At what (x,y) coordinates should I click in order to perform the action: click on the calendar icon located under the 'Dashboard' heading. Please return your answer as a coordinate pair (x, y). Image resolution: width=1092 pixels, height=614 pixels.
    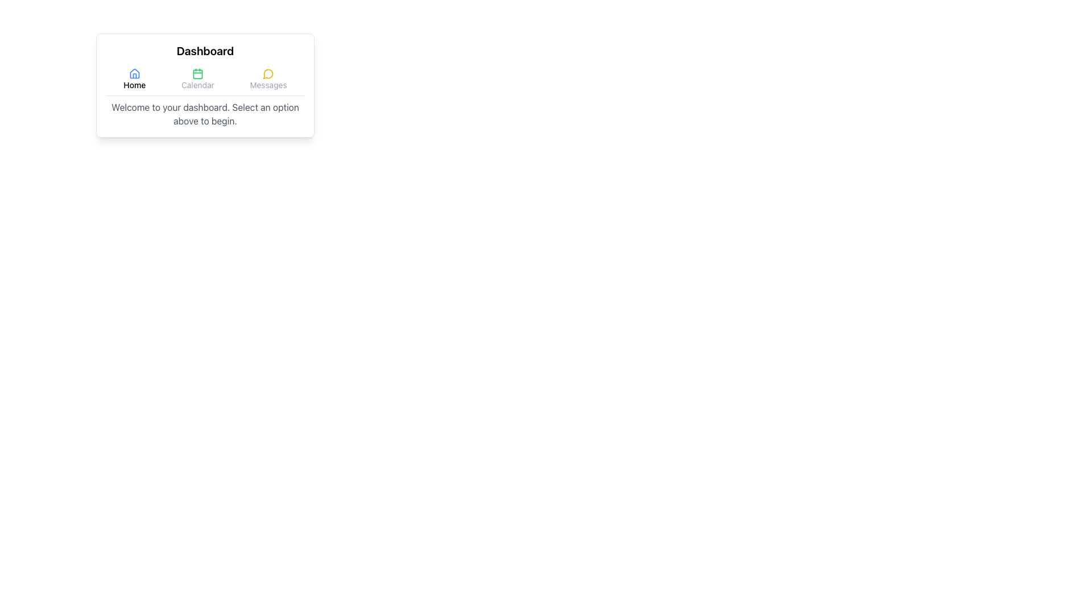
    Looking at the image, I should click on (197, 74).